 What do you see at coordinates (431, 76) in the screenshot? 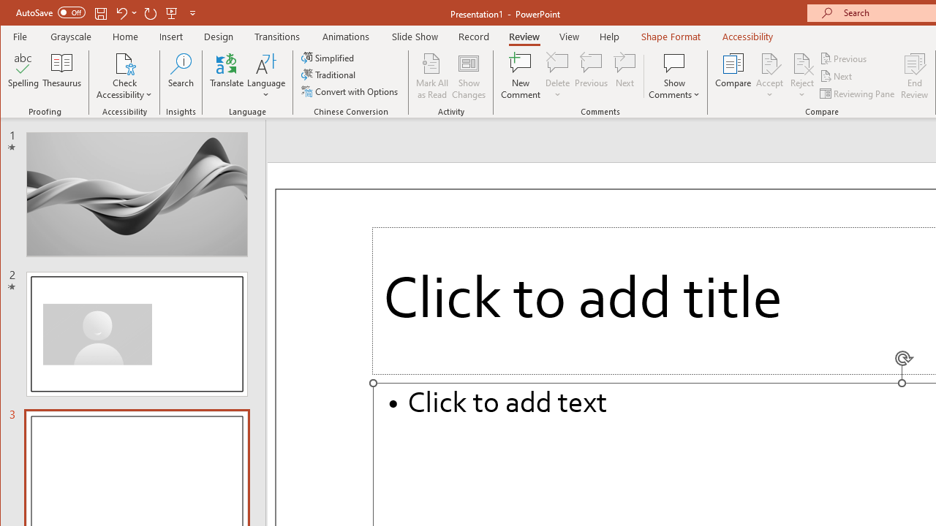
I see `'Mark All as Read'` at bounding box center [431, 76].